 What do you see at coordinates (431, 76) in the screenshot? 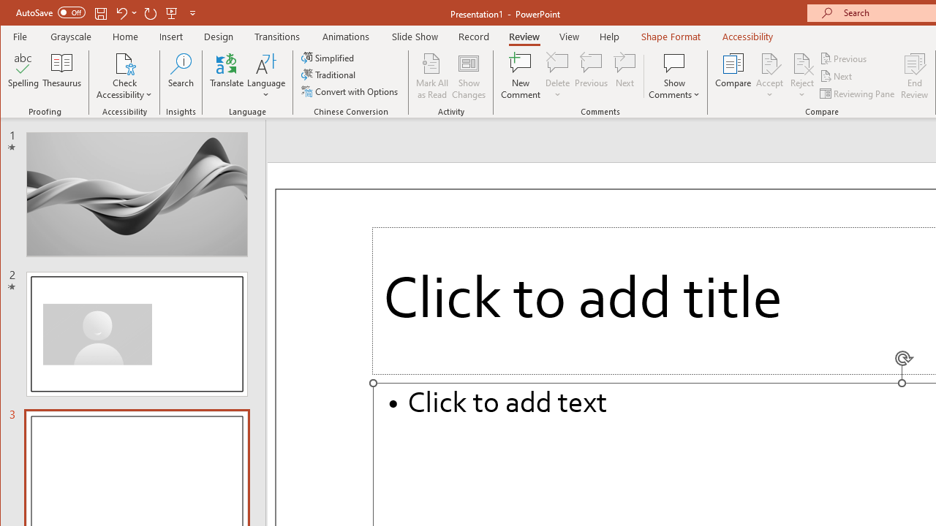
I see `'Mark All as Read'` at bounding box center [431, 76].